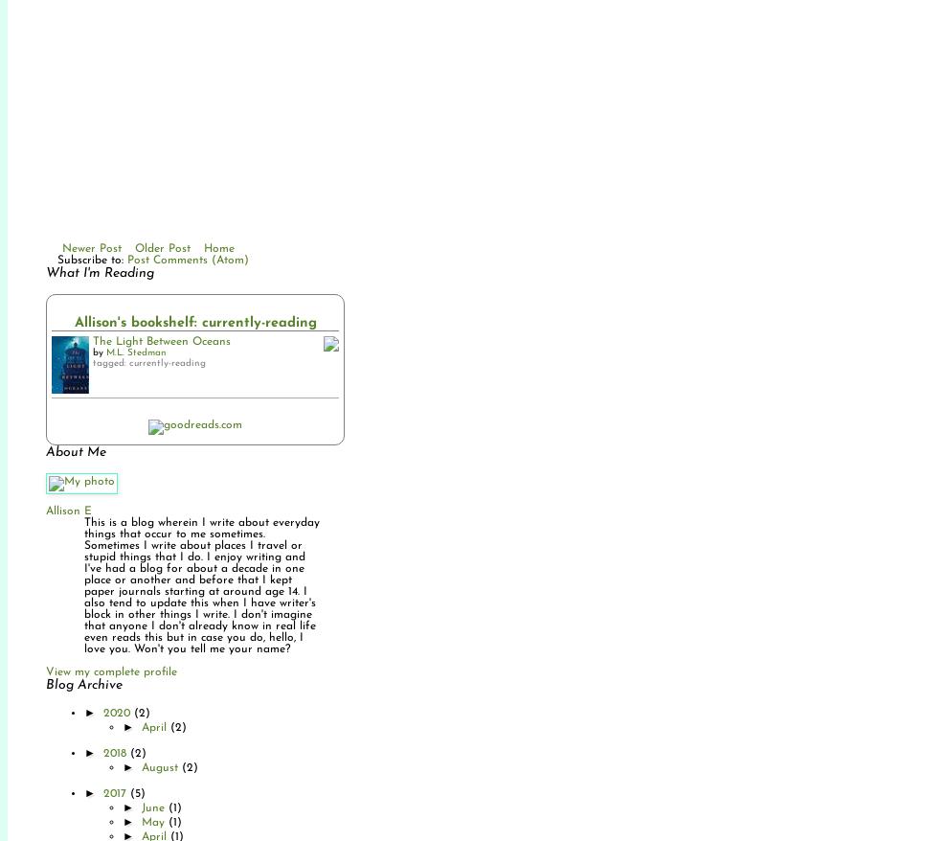 The width and height of the screenshot is (946, 841). I want to click on 'Post Comments (Atom)', so click(125, 260).